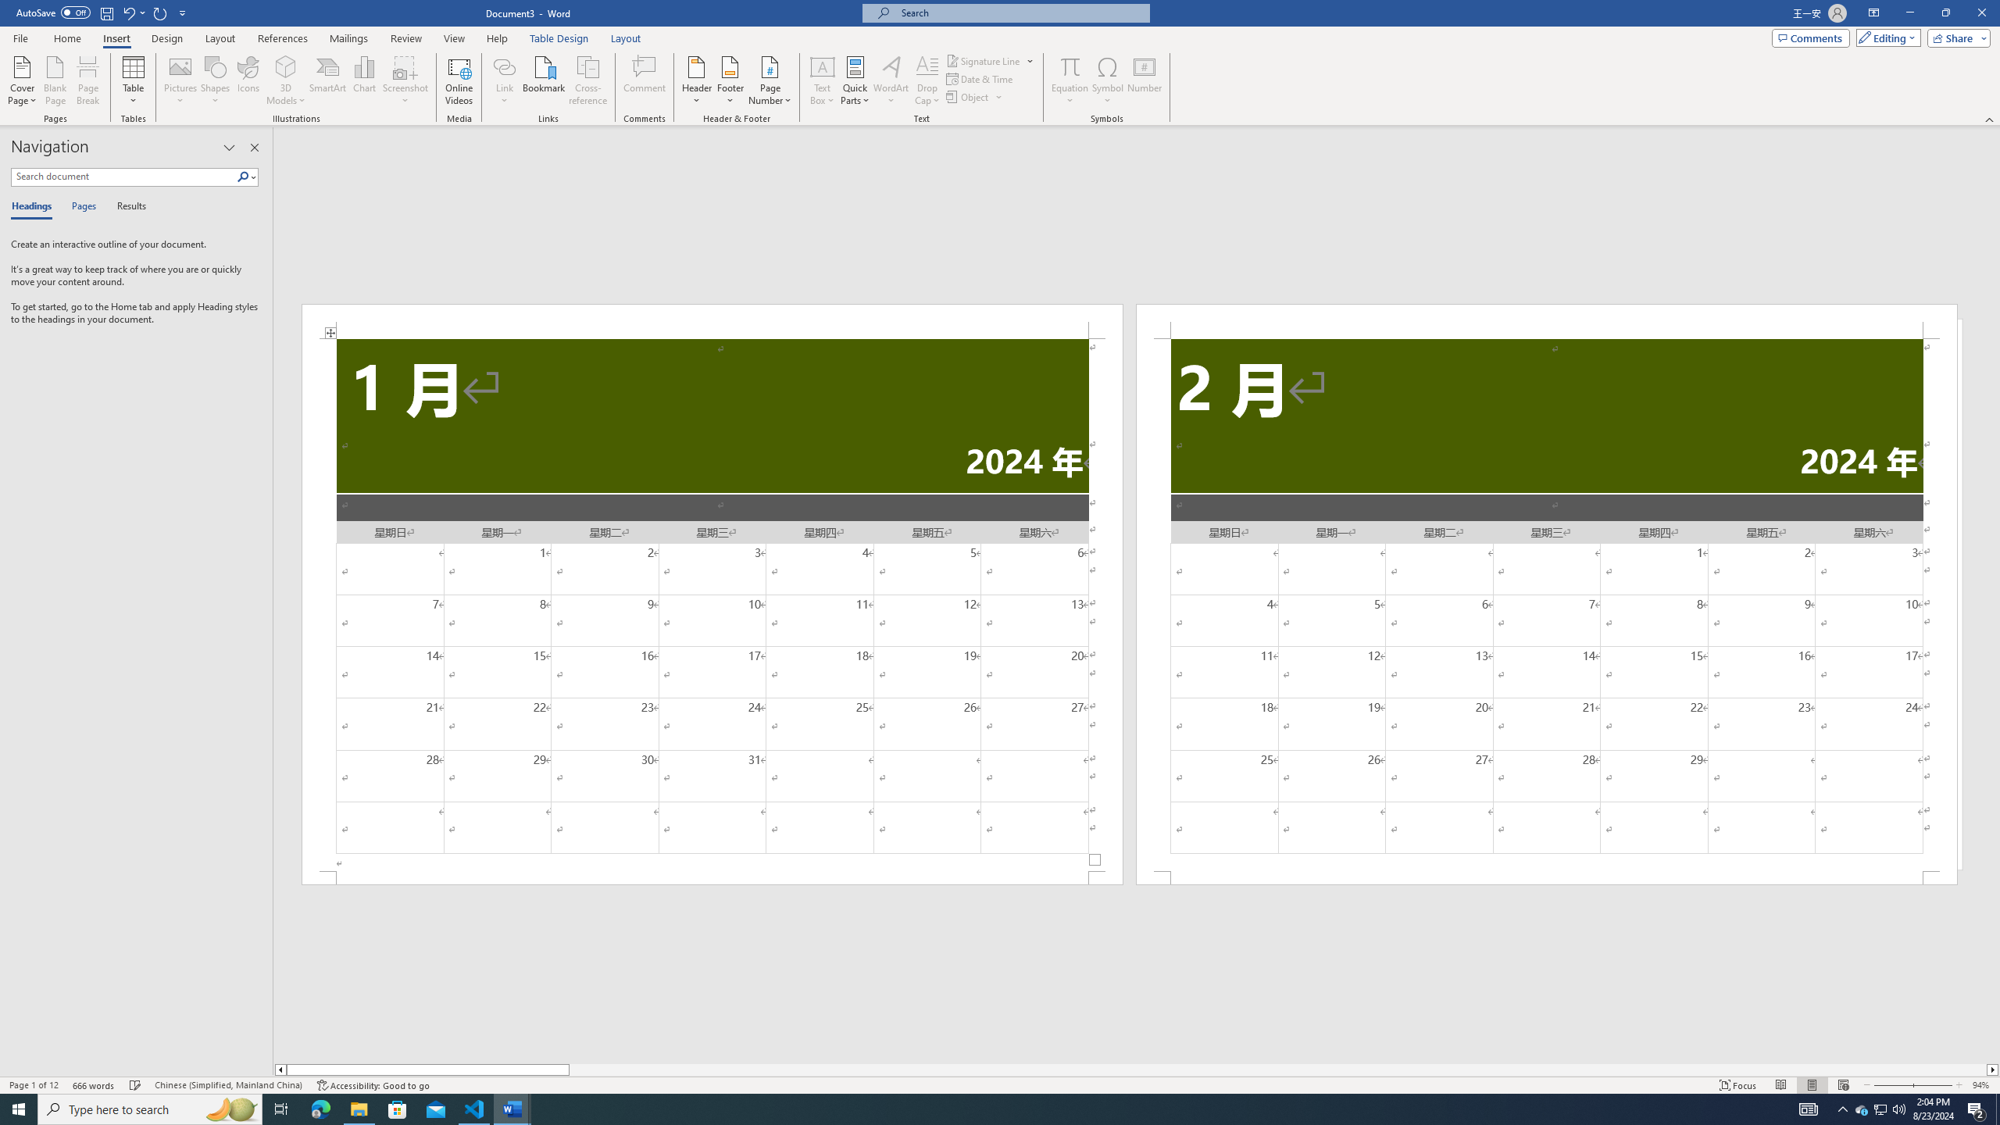 The height and width of the screenshot is (1125, 2000). What do you see at coordinates (246, 176) in the screenshot?
I see `'Search'` at bounding box center [246, 176].